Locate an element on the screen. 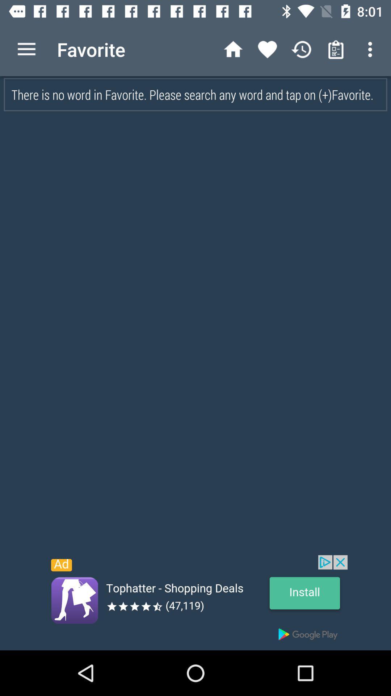 This screenshot has width=391, height=696. advertisement link to different site is located at coordinates (195, 602).